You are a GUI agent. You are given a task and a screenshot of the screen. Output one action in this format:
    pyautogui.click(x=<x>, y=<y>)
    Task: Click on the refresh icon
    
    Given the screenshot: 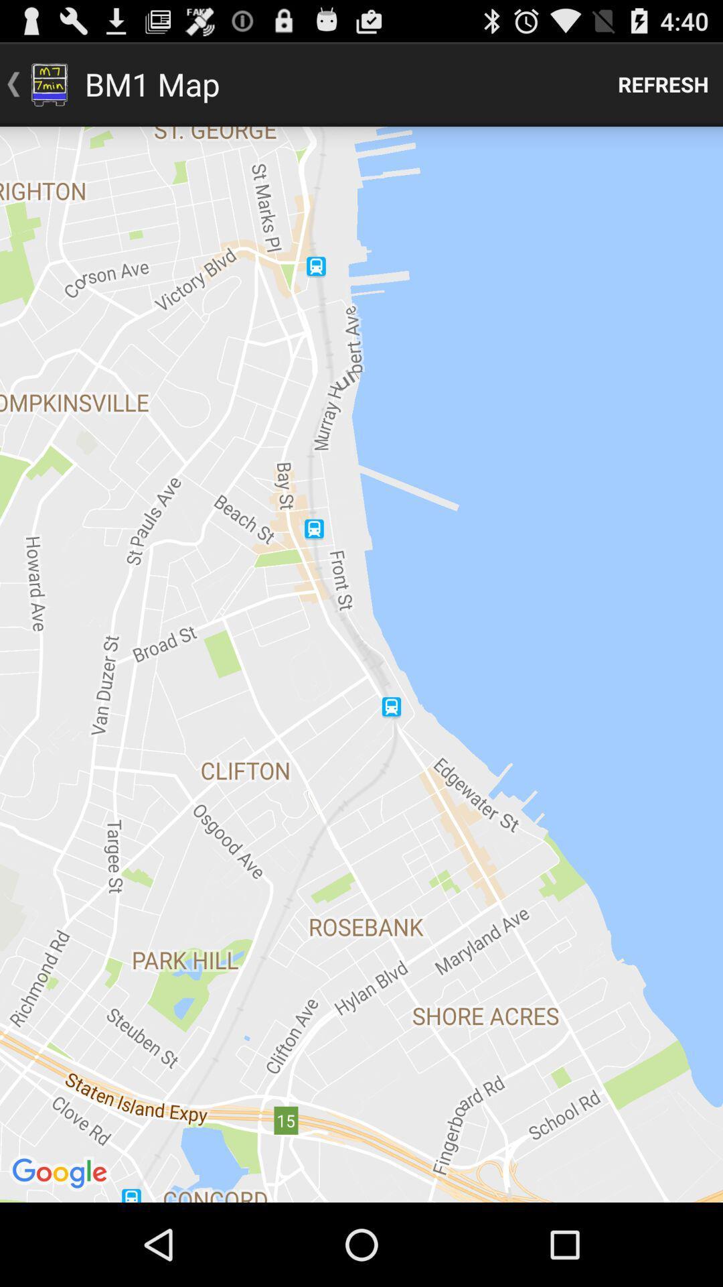 What is the action you would take?
    pyautogui.click(x=663, y=83)
    